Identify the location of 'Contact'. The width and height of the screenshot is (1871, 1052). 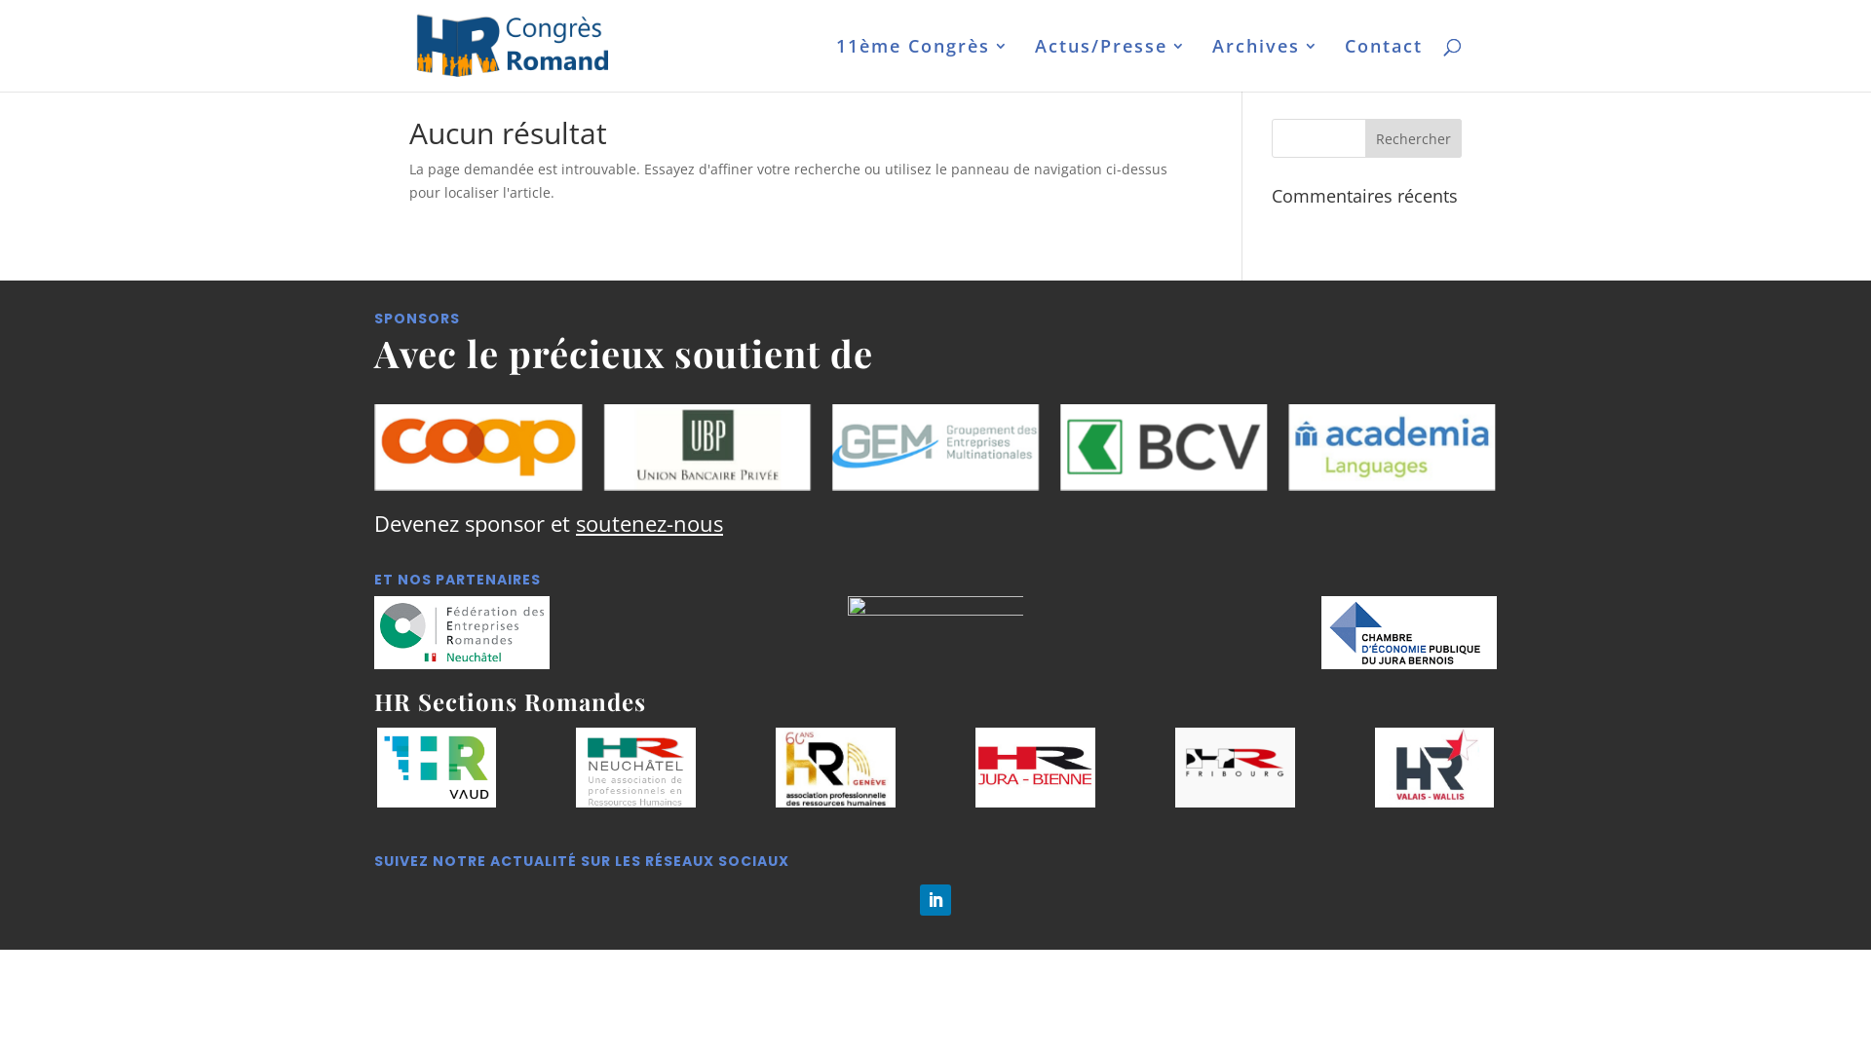
(1383, 63).